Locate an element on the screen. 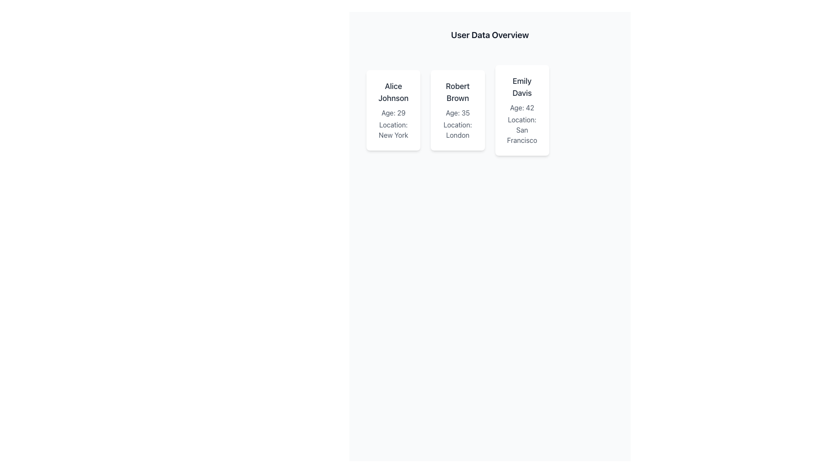 The width and height of the screenshot is (822, 462). the specific user profile card within the Data card group located below the 'User Data Overview' header by moving the cursor to its center is located at coordinates (490, 110).